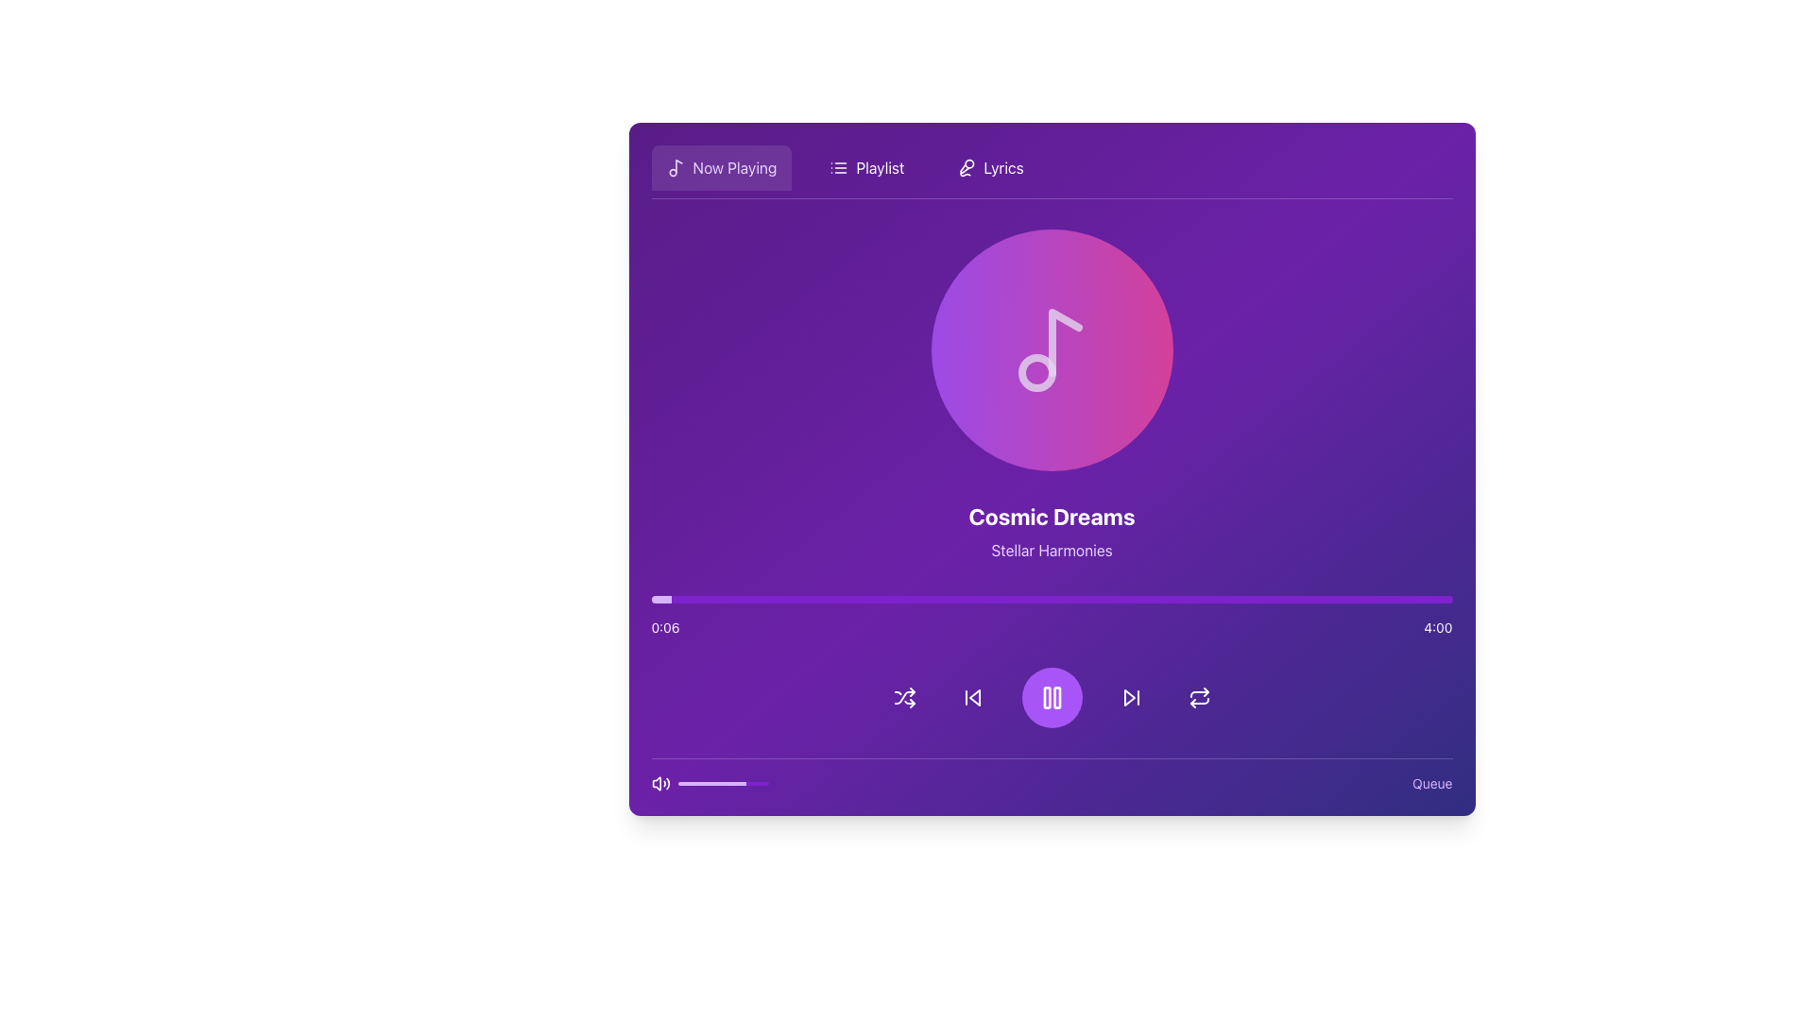 This screenshot has width=1814, height=1020. Describe the element at coordinates (733, 166) in the screenshot. I see `the displayed text in the 'Now Playing' text label, which features a light-colored font on a darker, semi-transparent background, located in the top-left corner of the interface` at that location.